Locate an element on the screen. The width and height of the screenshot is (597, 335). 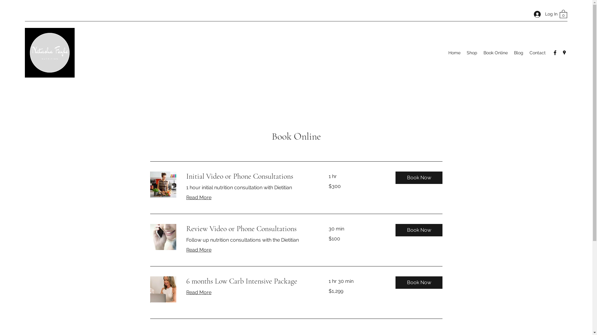
'Shop' is located at coordinates (464, 52).